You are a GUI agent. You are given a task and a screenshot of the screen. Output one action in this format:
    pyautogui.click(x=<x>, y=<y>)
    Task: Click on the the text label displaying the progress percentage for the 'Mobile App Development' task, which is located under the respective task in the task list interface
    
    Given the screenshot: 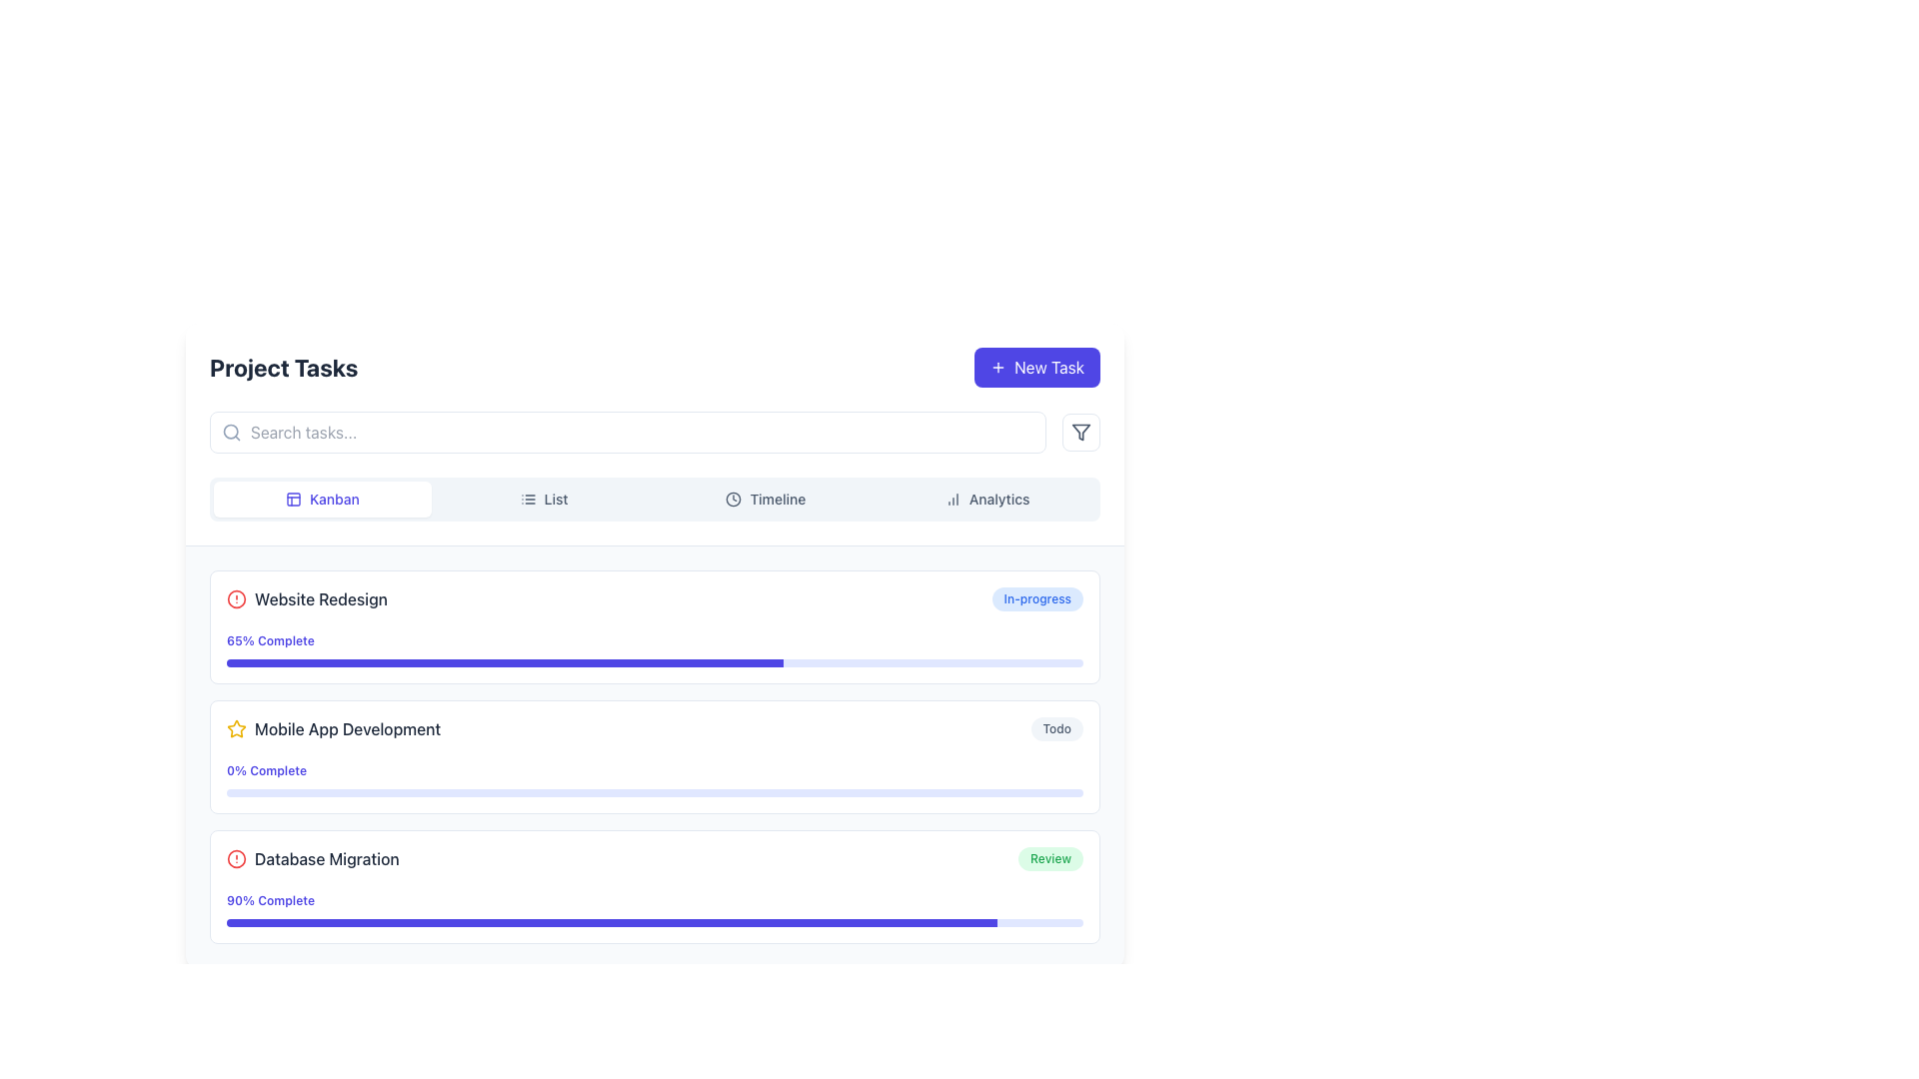 What is the action you would take?
    pyautogui.click(x=266, y=768)
    